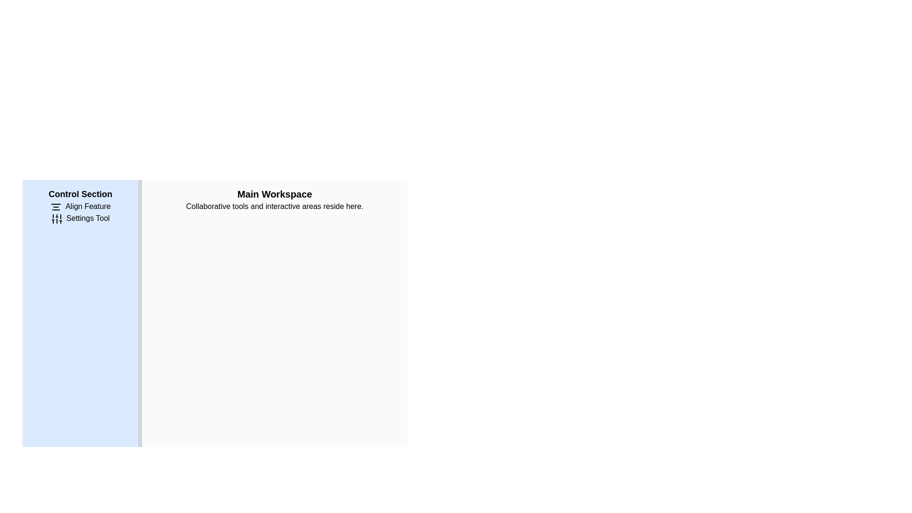  I want to click on the static text element that reads 'Collaborative tools and interactive areas reside here.' located below the 'Main Workspace' header, so click(274, 206).